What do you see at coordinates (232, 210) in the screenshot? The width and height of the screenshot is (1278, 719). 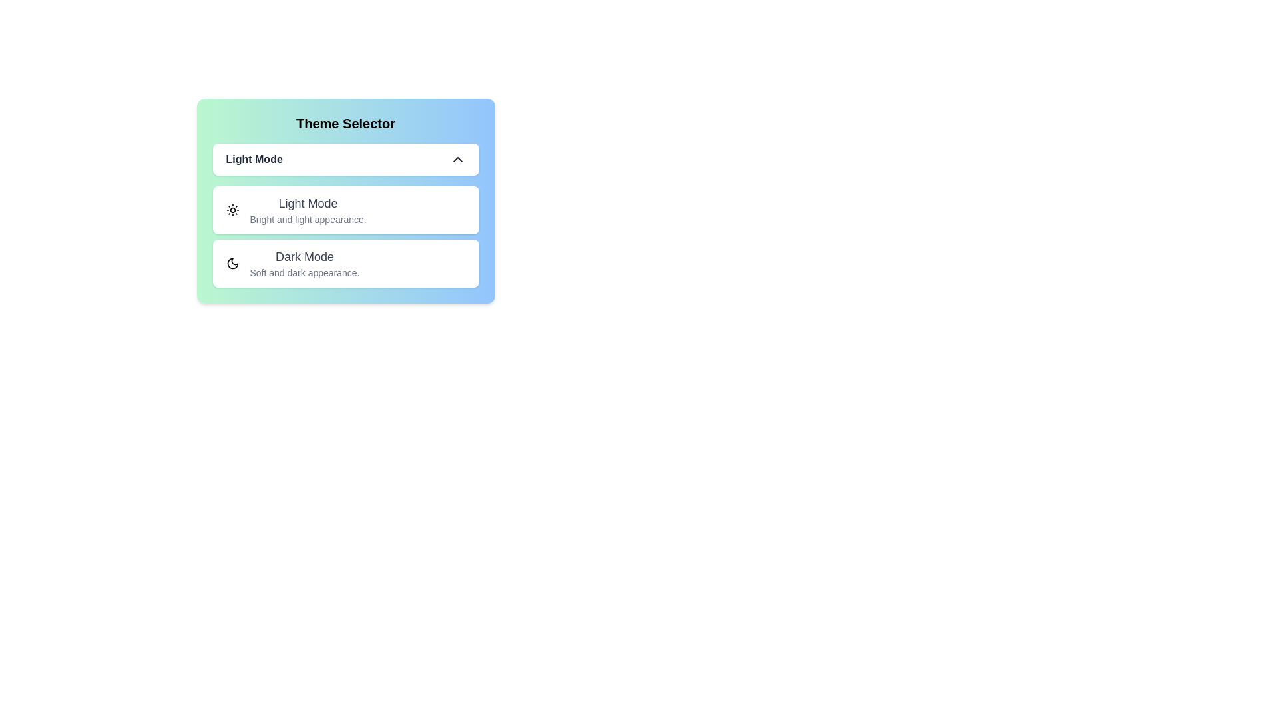 I see `the theme by clicking on the corresponding icon. The parameter Light Mode determines the selection, where 'Light Mode' corresponds to the sun icon and 'Dark Mode' corresponds to the moon icon` at bounding box center [232, 210].